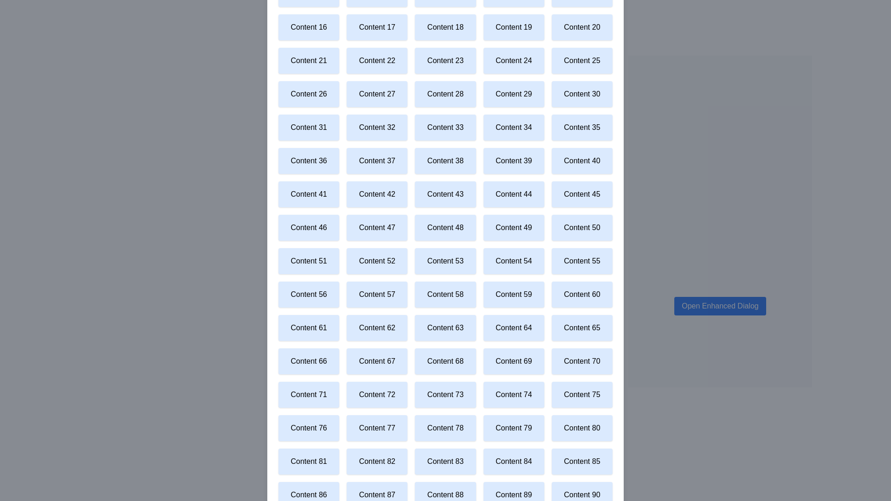 The height and width of the screenshot is (501, 891). What do you see at coordinates (719, 306) in the screenshot?
I see `'Open Enhanced Dialog' button to open the dialog` at bounding box center [719, 306].